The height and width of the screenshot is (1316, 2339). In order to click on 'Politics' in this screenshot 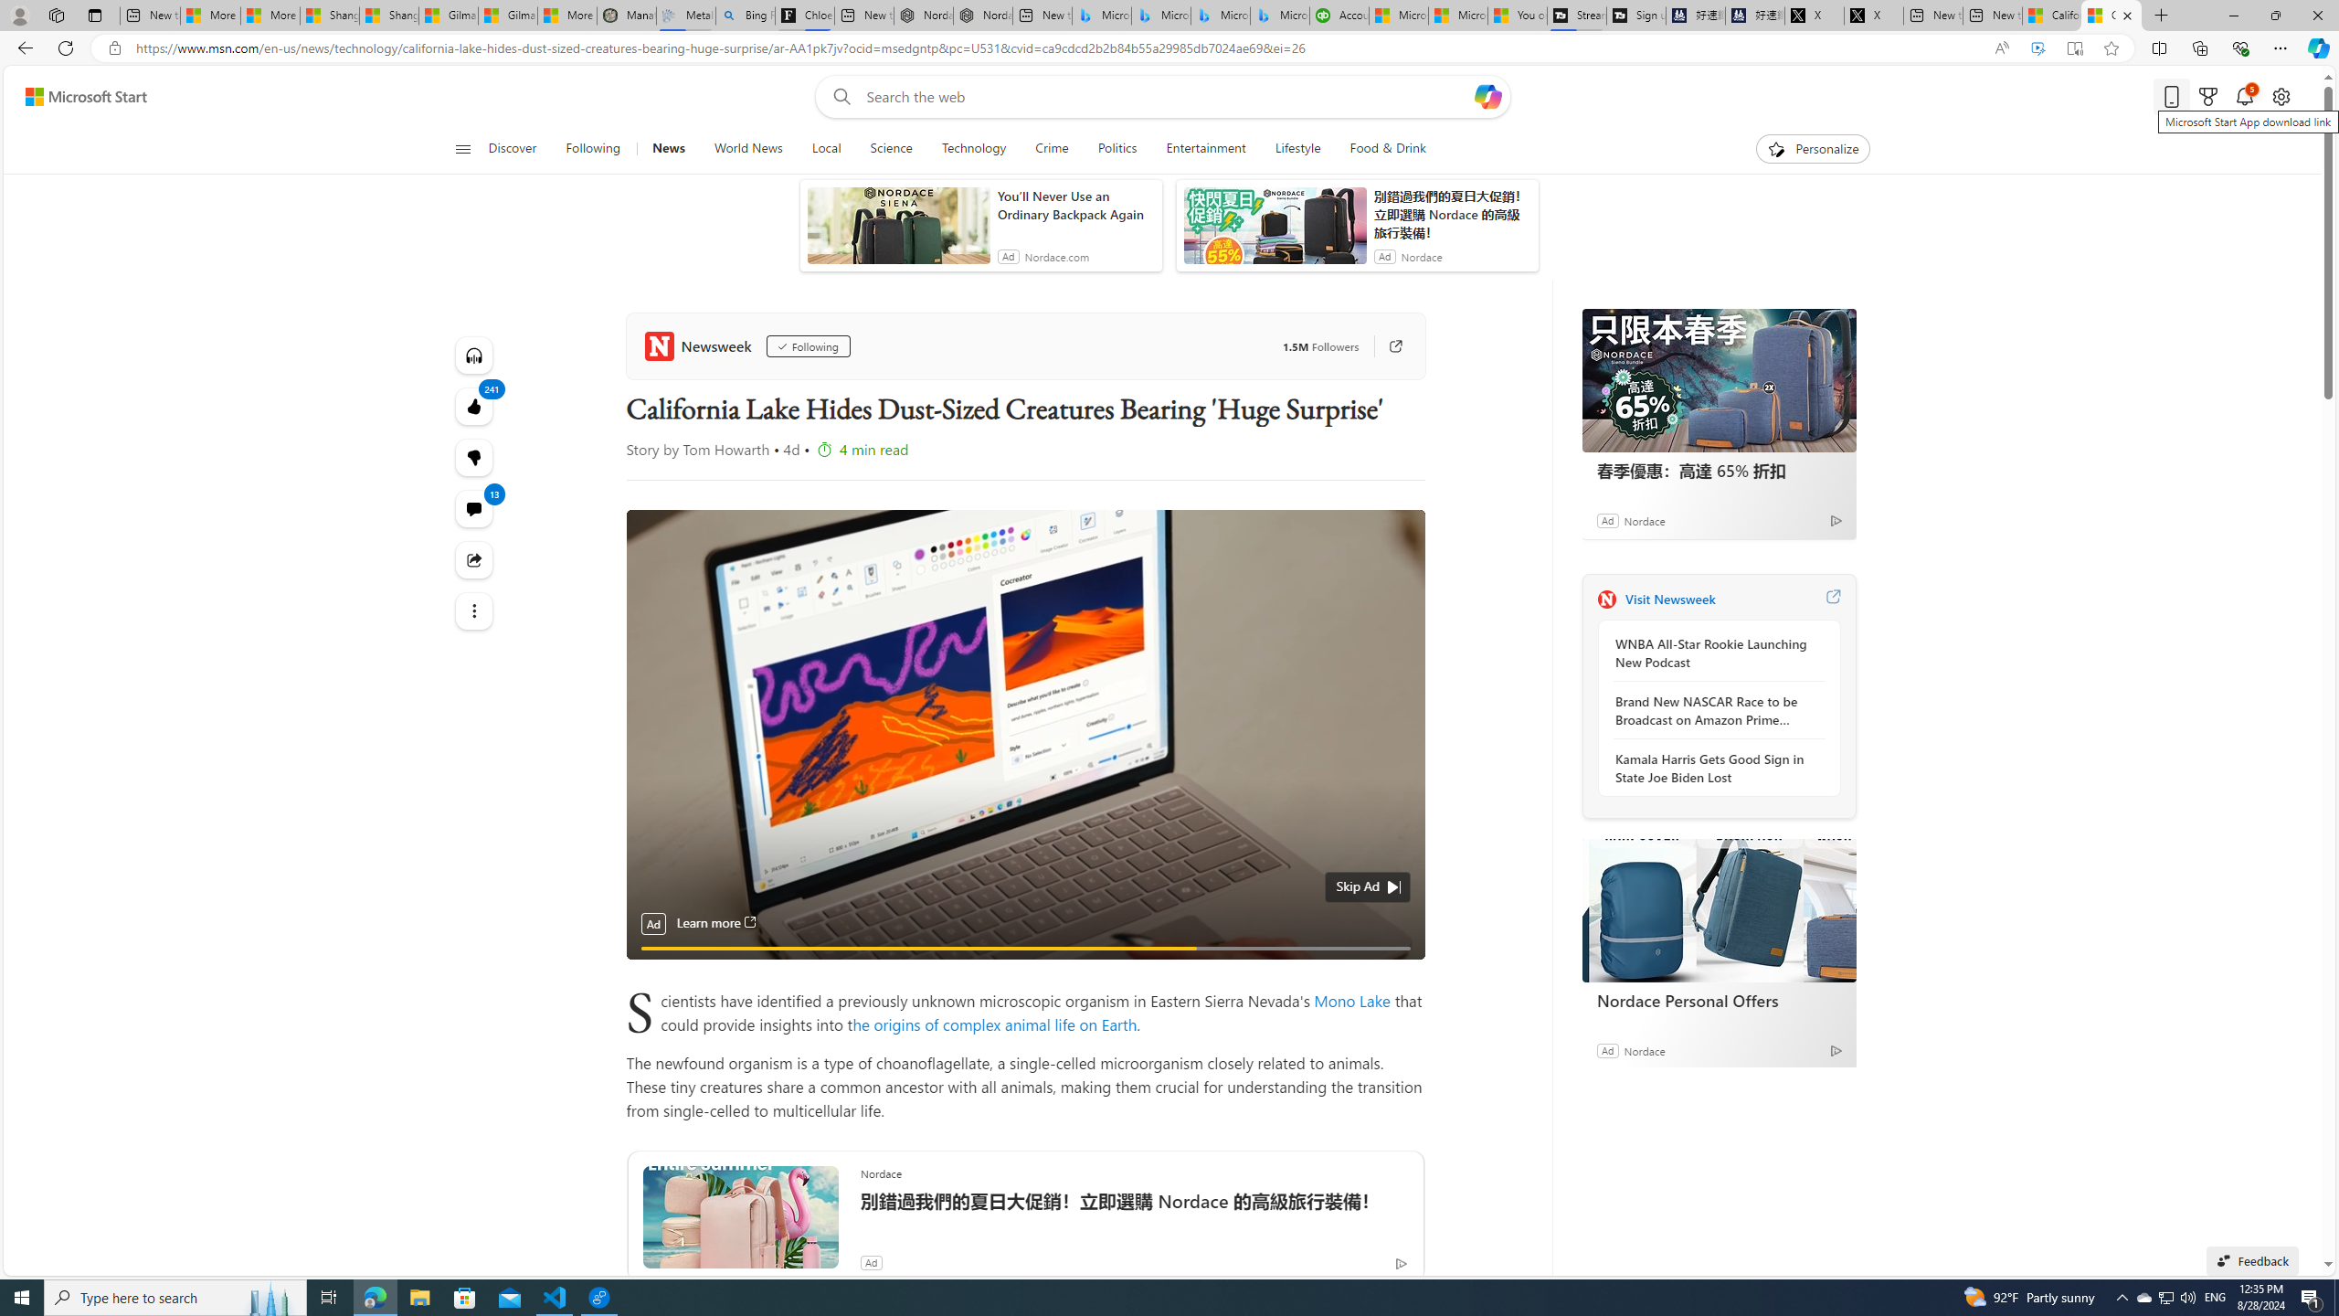, I will do `click(1117, 148)`.